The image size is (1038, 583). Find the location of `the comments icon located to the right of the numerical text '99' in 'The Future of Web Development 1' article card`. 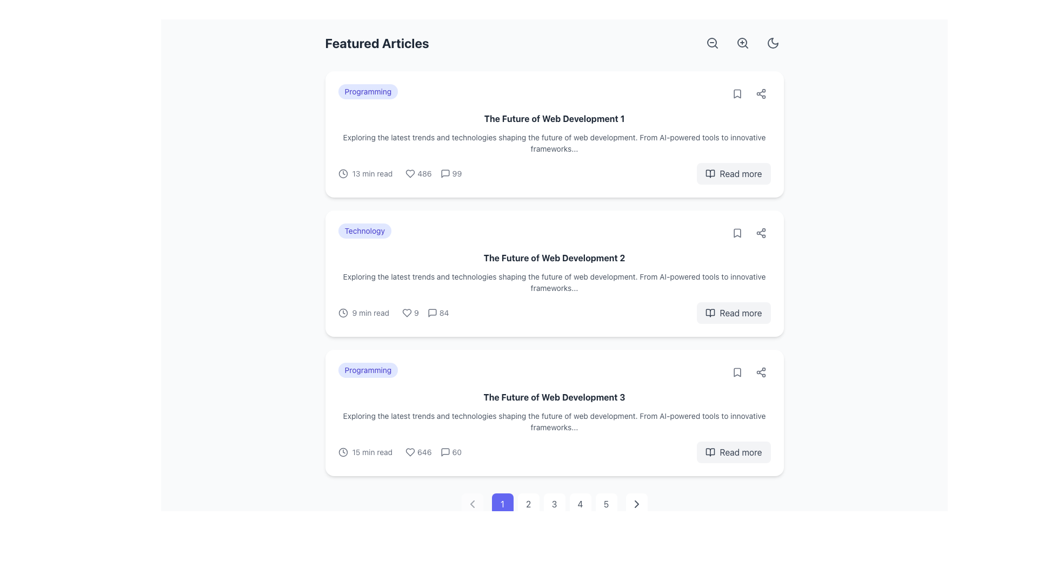

the comments icon located to the right of the numerical text '99' in 'The Future of Web Development 1' article card is located at coordinates (445, 173).